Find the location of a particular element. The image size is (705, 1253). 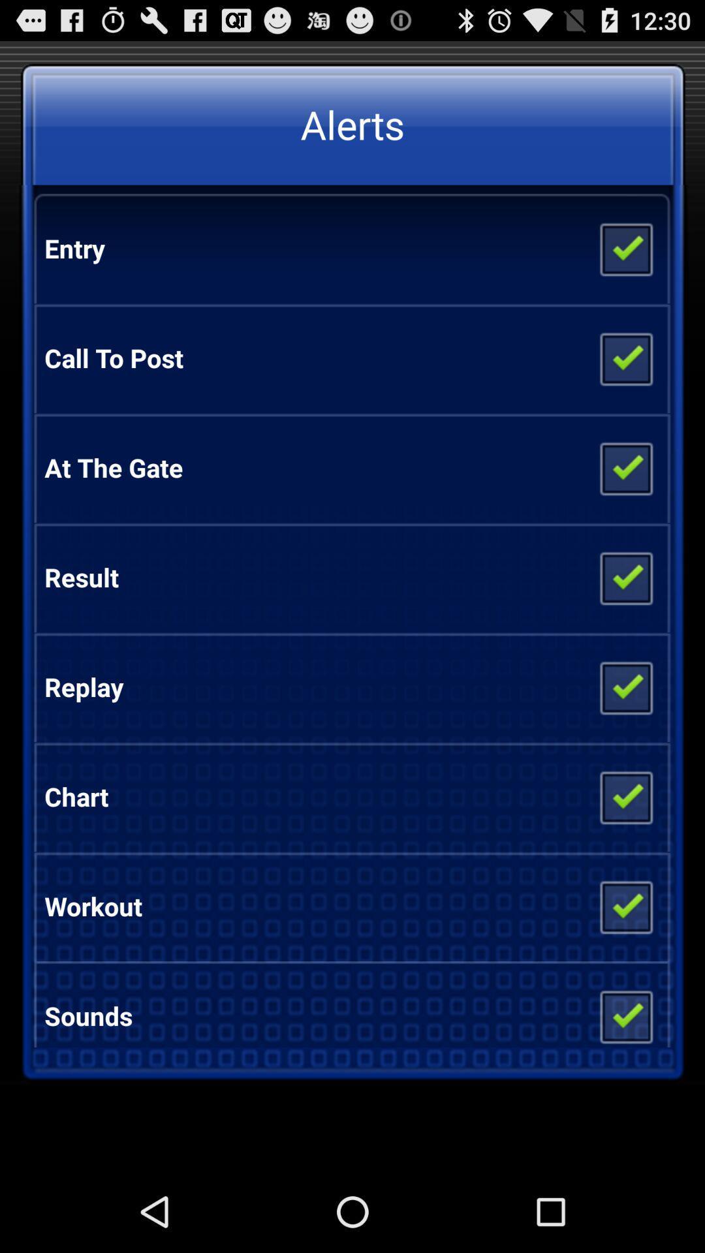

item to the right of the sounds is located at coordinates (625, 1010).